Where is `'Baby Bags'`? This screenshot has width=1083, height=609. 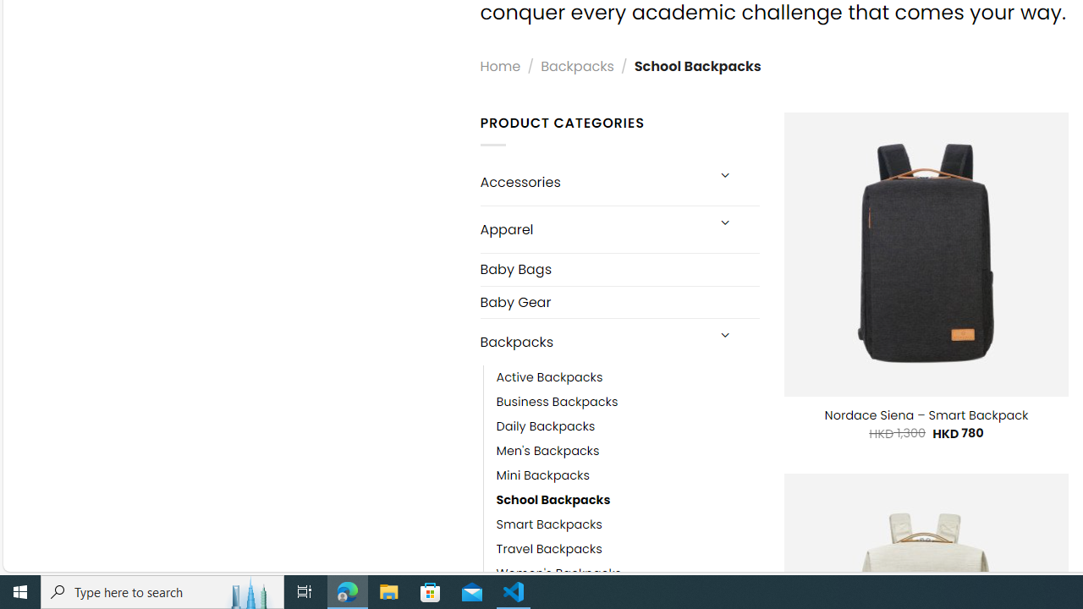
'Baby Bags' is located at coordinates (618, 268).